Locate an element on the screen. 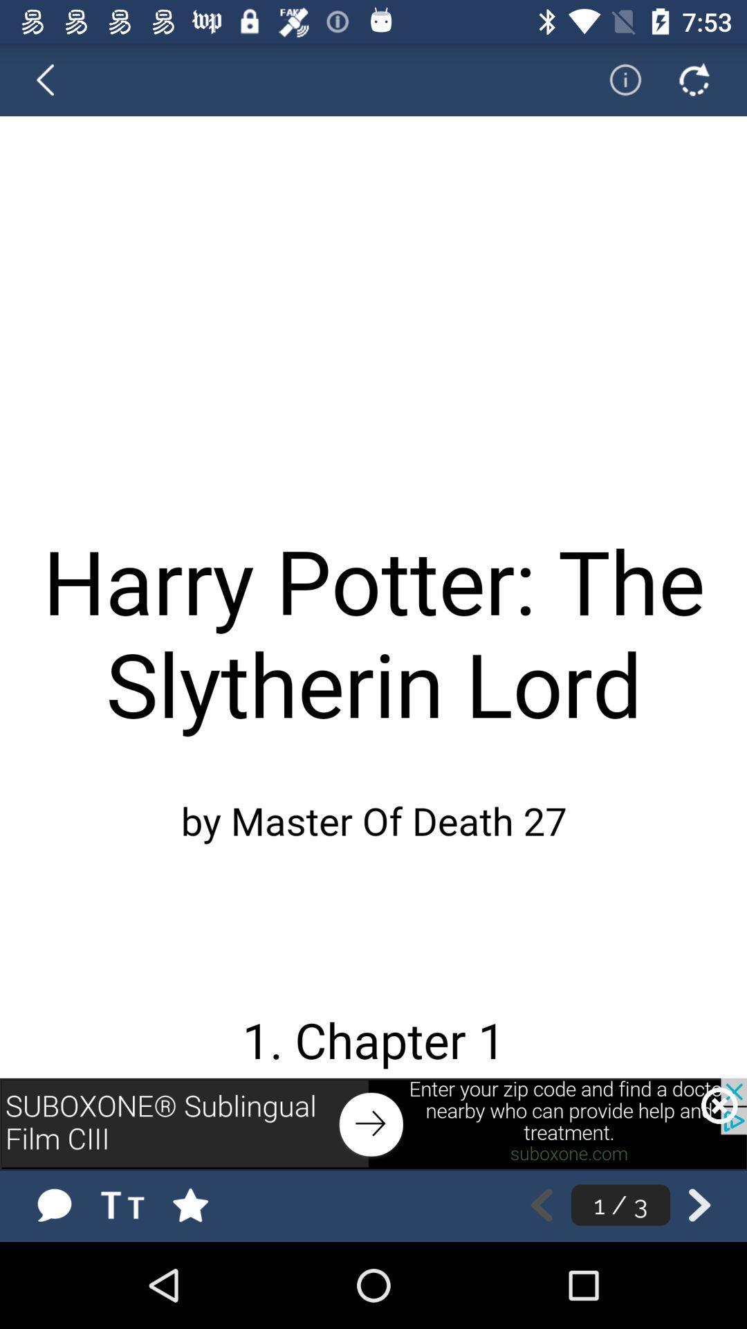 Image resolution: width=747 pixels, height=1329 pixels. the font icon is located at coordinates (127, 1204).